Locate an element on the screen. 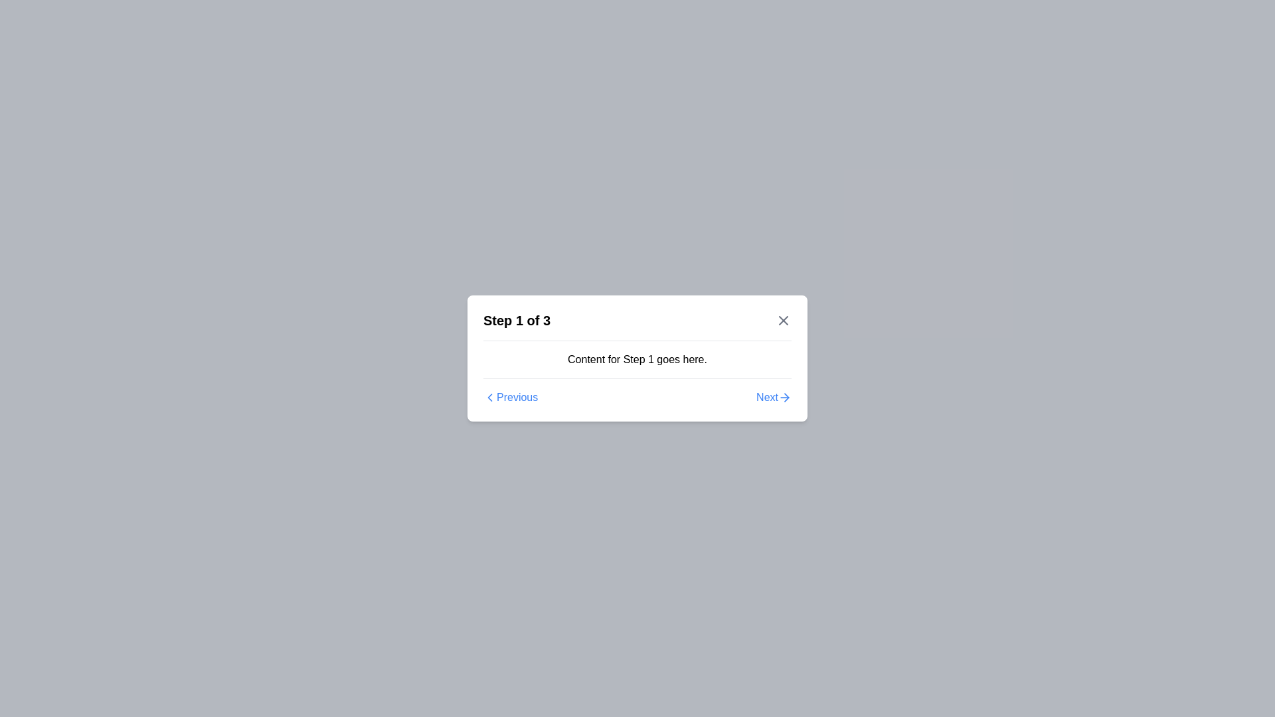 The height and width of the screenshot is (717, 1275). the 'Previous' and 'Next' buttons on the navigation bar is located at coordinates (637, 391).